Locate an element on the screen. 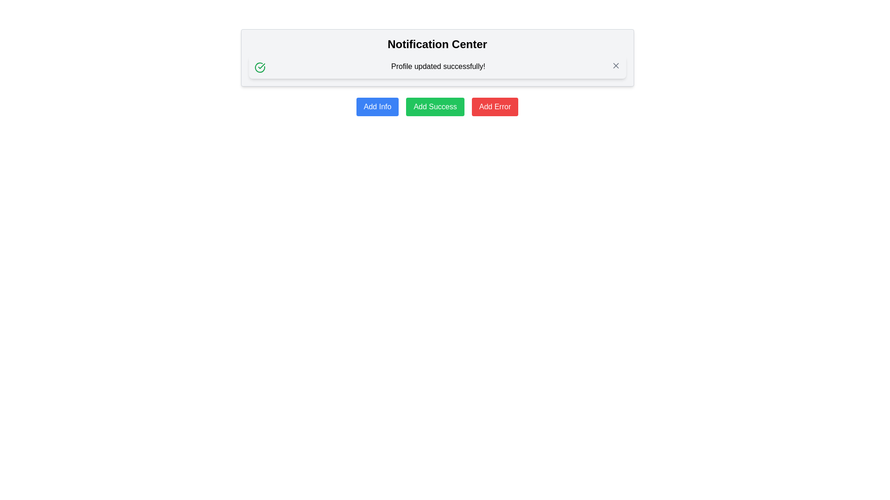 This screenshot has width=890, height=500. the Close button, which is a small gray icon resembling a cross located at the far right side of the notification box that reads 'Profile updated successfully!' is located at coordinates (616, 65).